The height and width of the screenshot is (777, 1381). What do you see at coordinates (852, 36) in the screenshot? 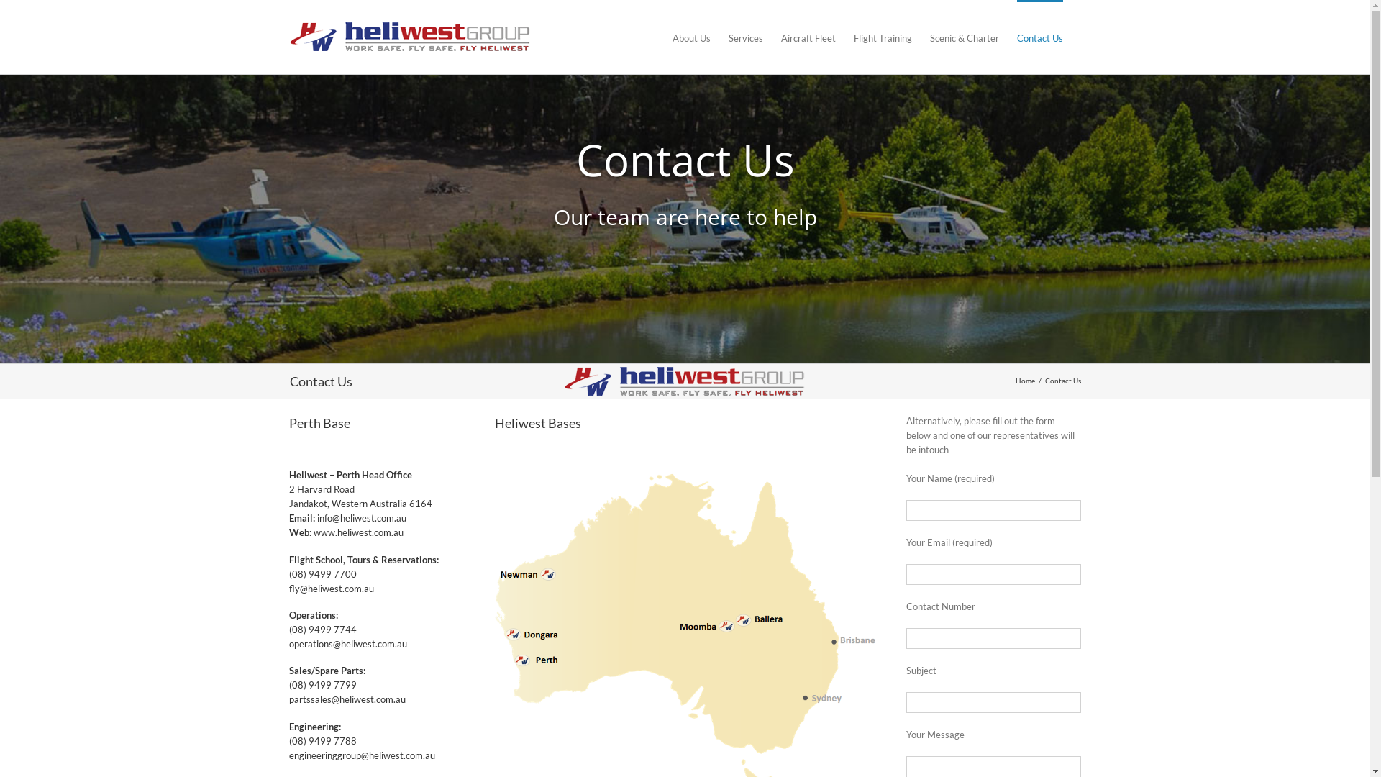
I see `'Flight Training'` at bounding box center [852, 36].